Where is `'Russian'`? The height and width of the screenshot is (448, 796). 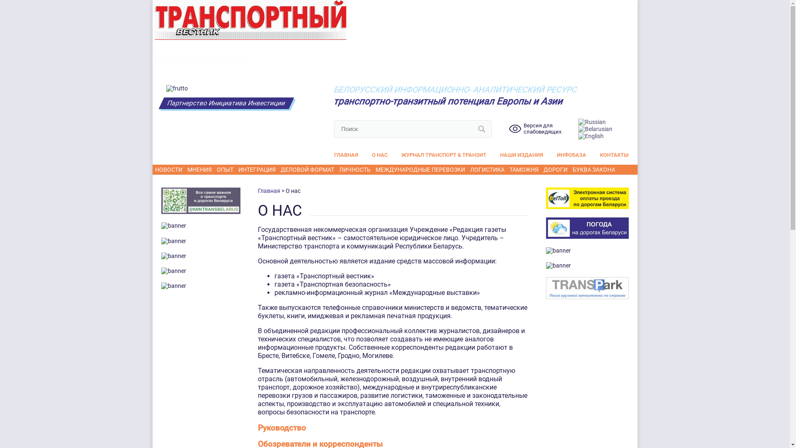 'Russian' is located at coordinates (592, 122).